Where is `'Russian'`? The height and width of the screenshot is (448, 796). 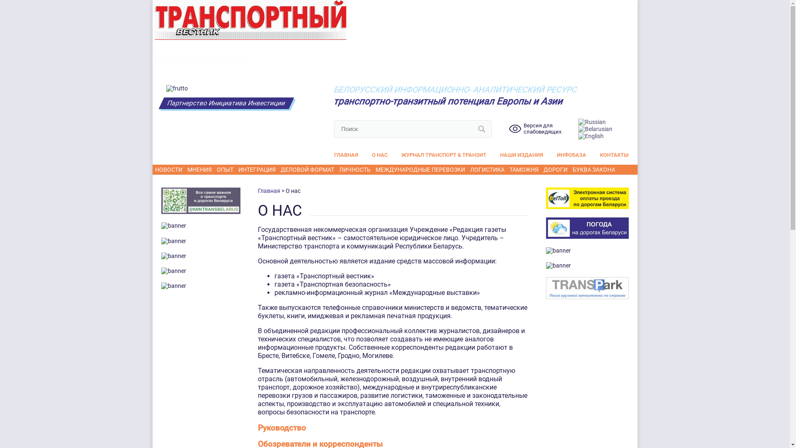 'Russian' is located at coordinates (592, 122).